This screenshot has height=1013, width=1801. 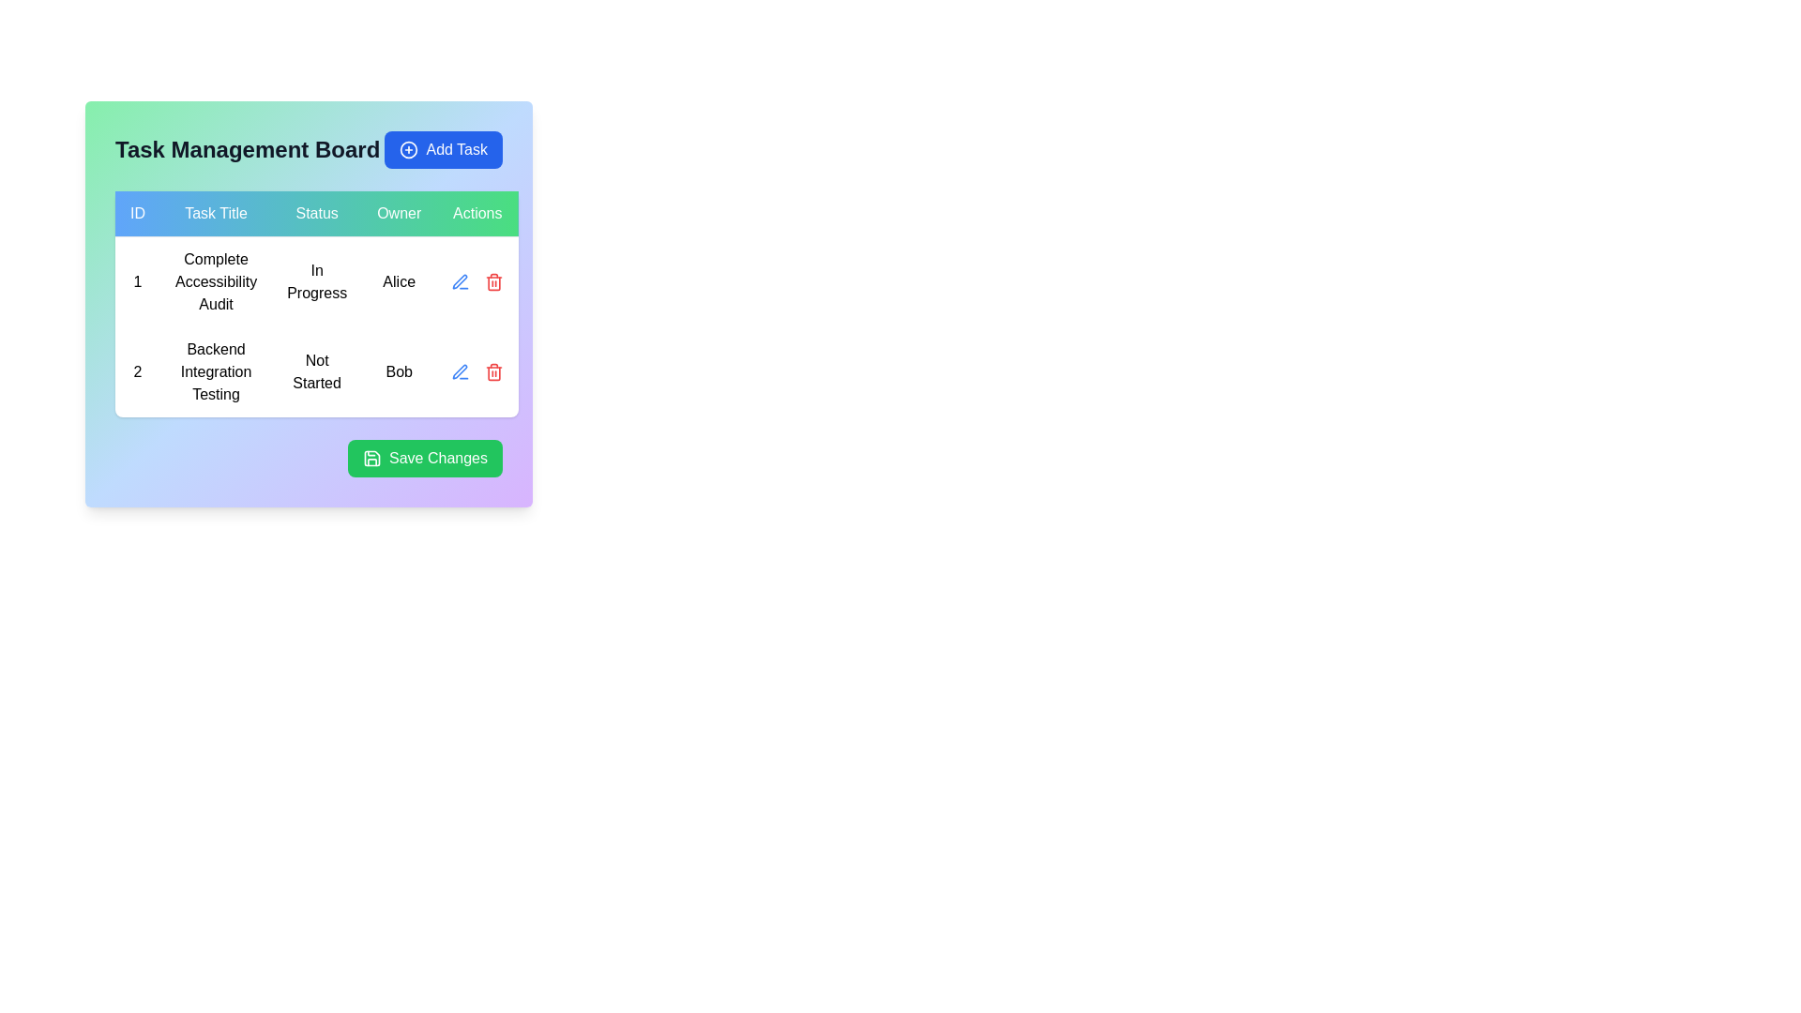 What do you see at coordinates (477, 281) in the screenshot?
I see `the pencil icon in the interactive control group for editing the task in the first row under the 'Actions' column of the task management board` at bounding box center [477, 281].